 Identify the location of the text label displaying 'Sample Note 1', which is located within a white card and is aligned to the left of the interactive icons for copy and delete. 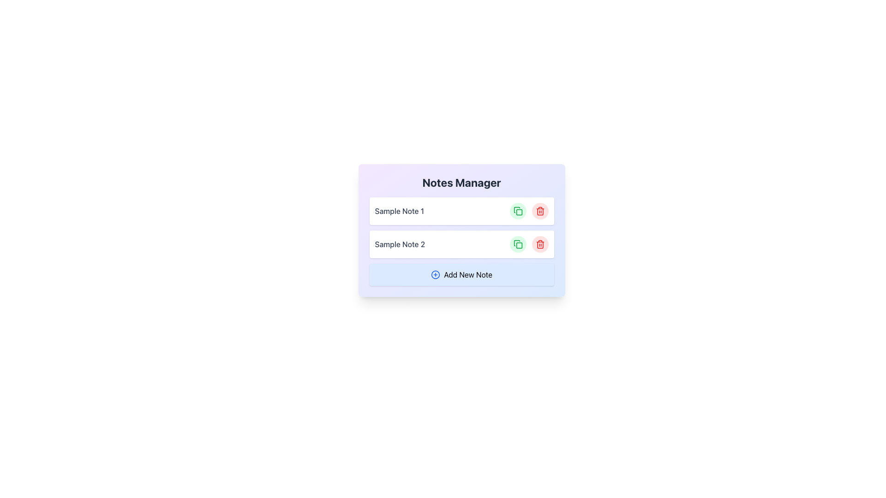
(399, 211).